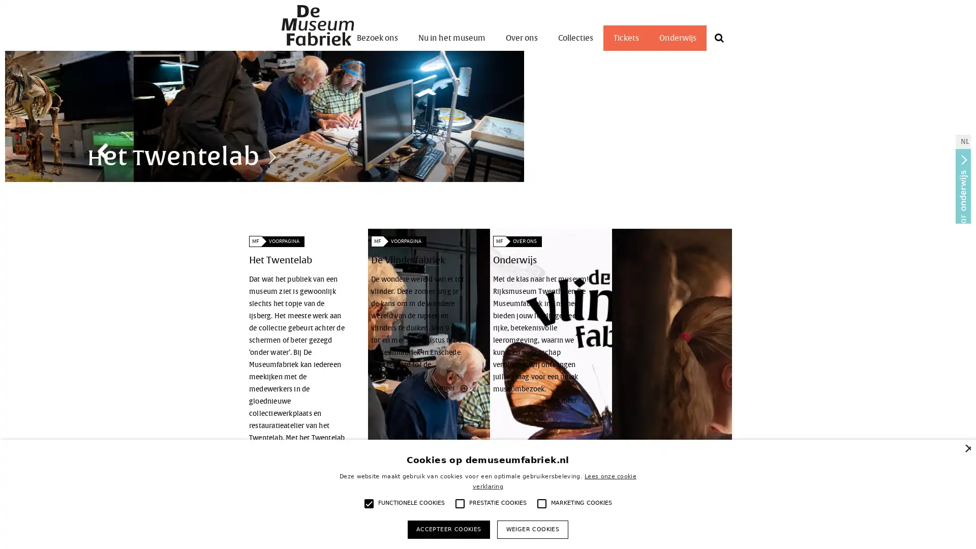  I want to click on WEIGER COOKIES, so click(532, 529).